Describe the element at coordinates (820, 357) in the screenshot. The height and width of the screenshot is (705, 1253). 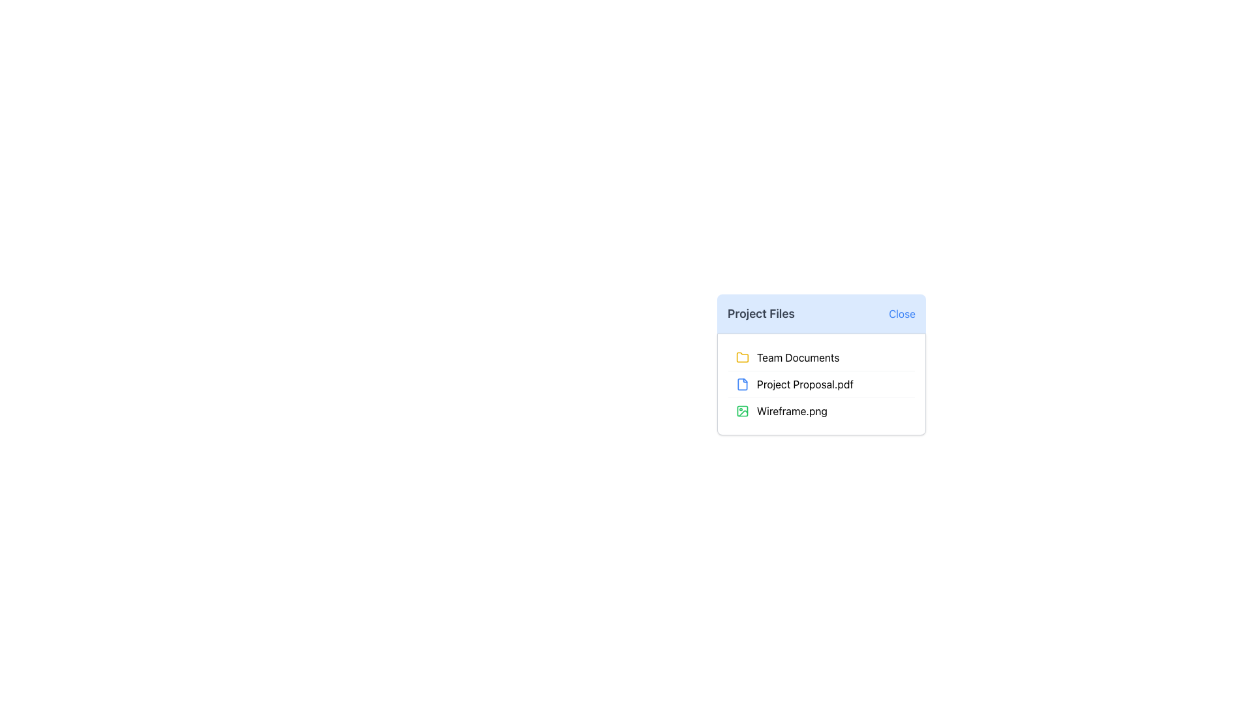
I see `the first list item labeled 'Team Documents' which contains a yellow folder icon, located within the 'Project Files' card` at that location.